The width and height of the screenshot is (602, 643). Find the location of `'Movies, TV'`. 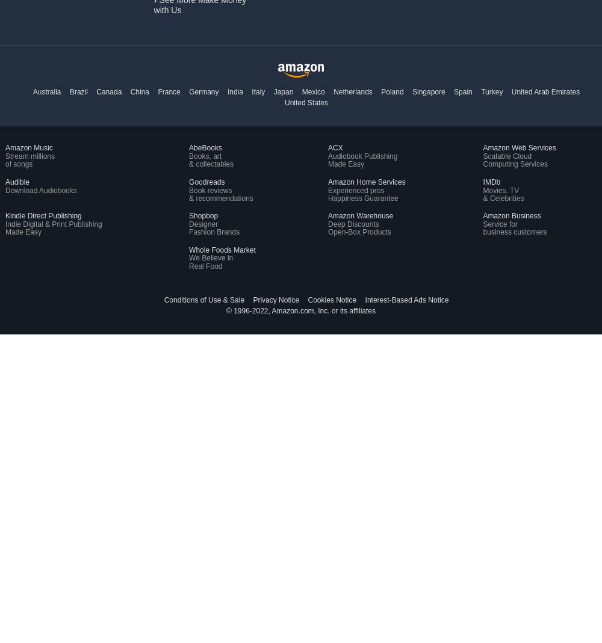

'Movies, TV' is located at coordinates (500, 189).